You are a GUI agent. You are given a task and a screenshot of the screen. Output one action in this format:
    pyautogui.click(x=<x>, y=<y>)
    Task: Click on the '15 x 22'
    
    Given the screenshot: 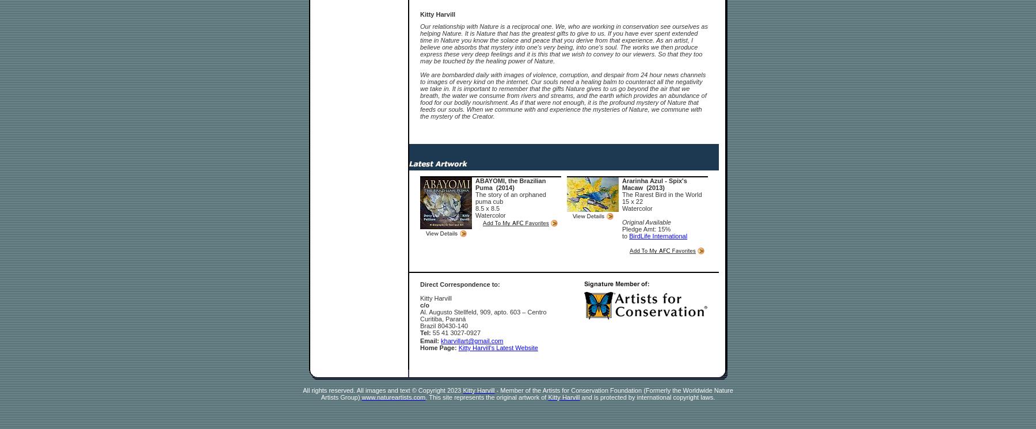 What is the action you would take?
    pyautogui.click(x=633, y=202)
    